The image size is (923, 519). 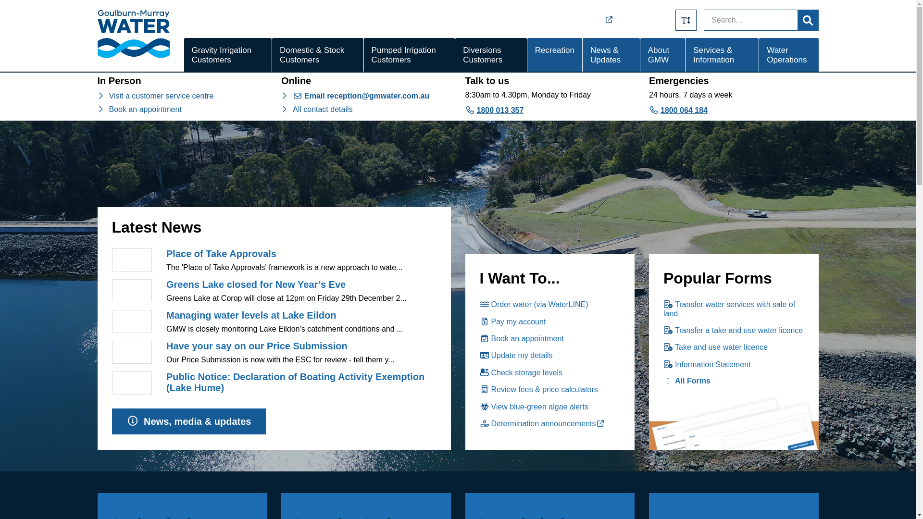 I want to click on 'Have your say on our Price Submission', so click(x=257, y=346).